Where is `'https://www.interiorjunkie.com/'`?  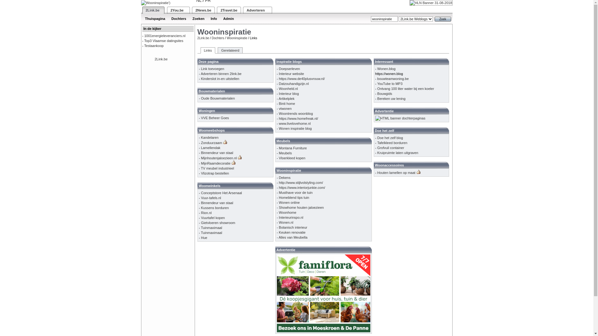
'https://www.interiorjunkie.com/' is located at coordinates (302, 187).